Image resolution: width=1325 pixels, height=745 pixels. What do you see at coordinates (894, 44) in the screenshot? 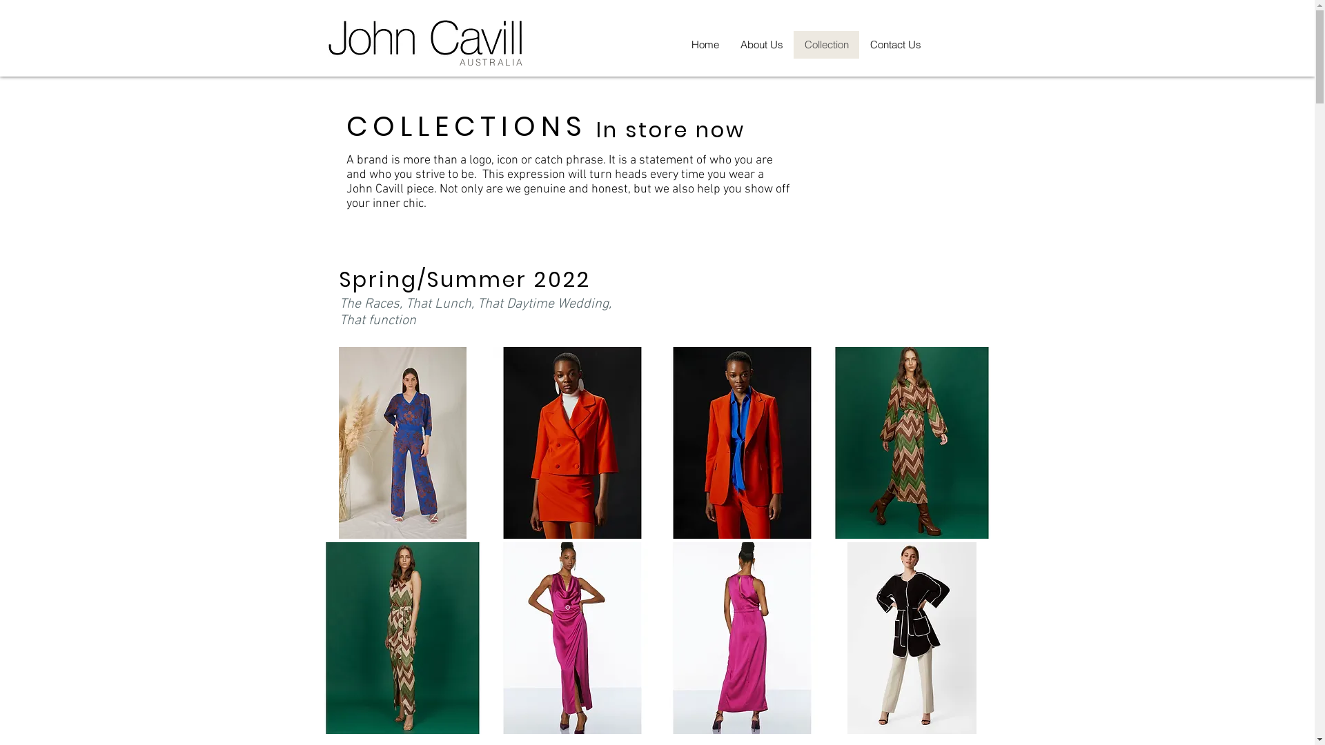
I see `'Contact Us'` at bounding box center [894, 44].